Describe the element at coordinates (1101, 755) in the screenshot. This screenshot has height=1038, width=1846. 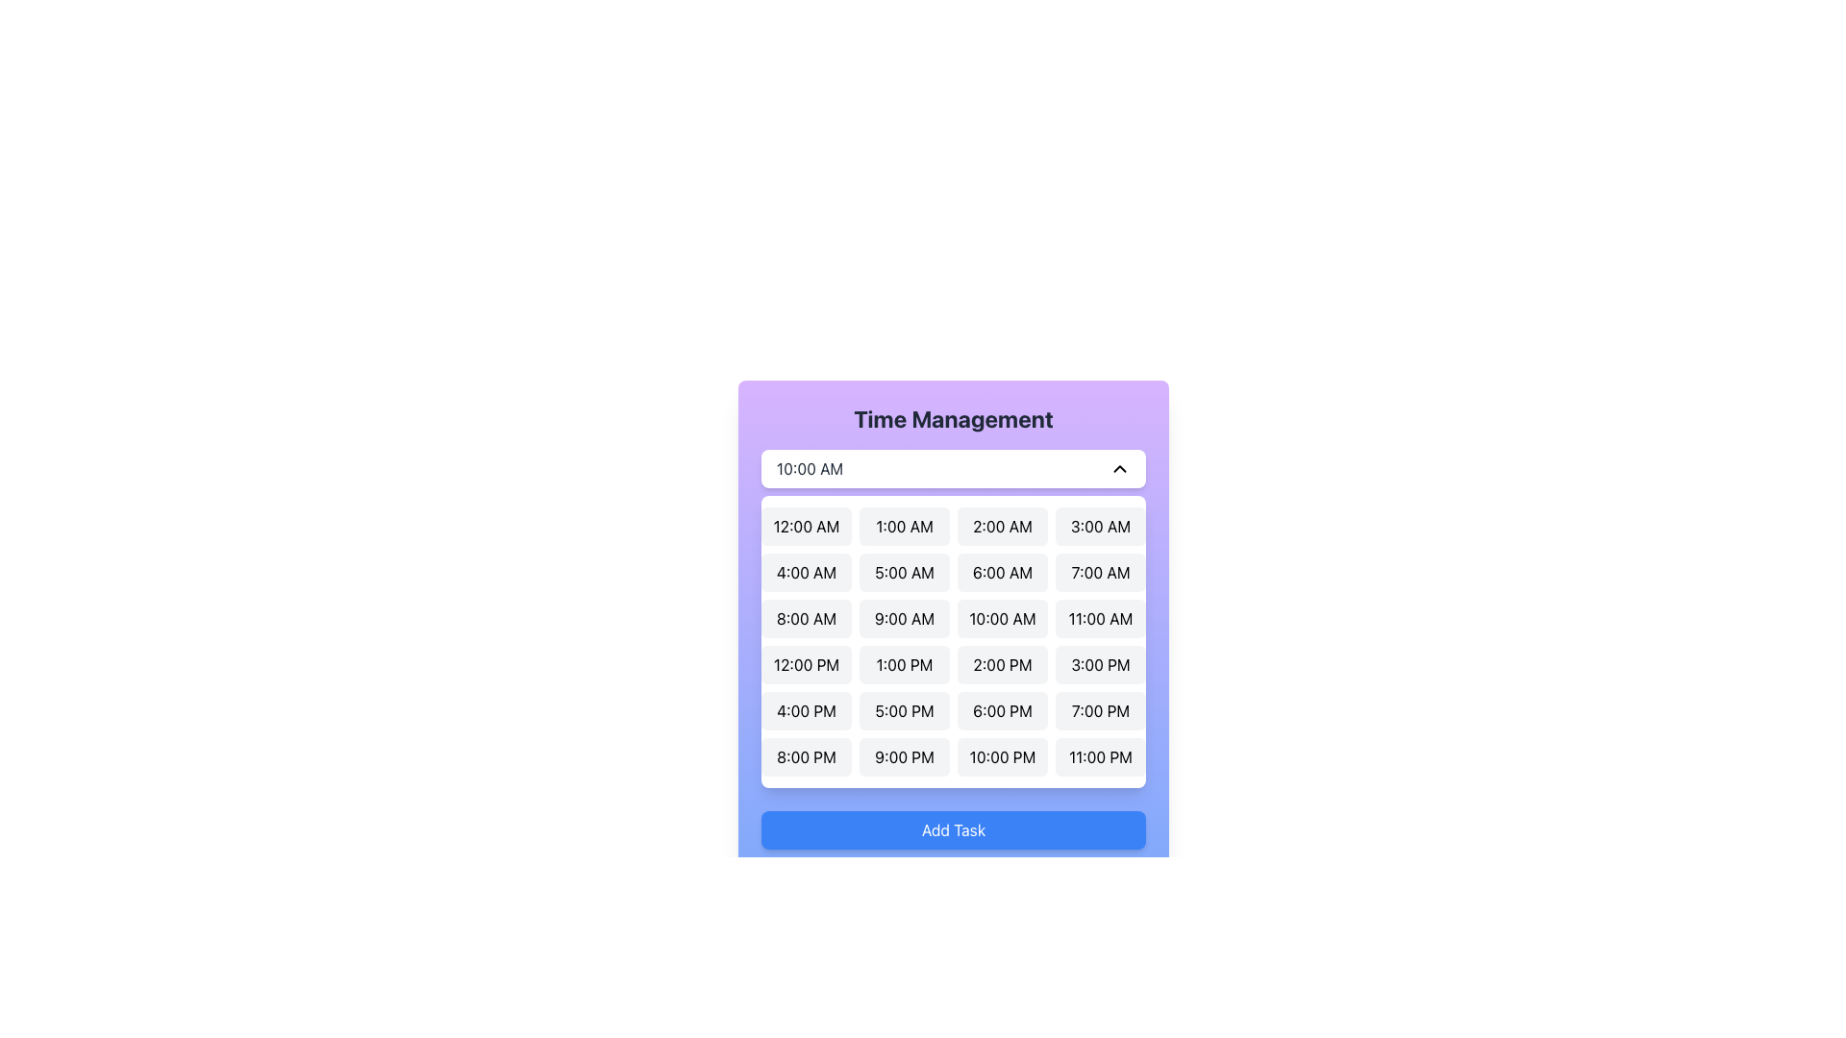
I see `the button labeled '11:00 PM' in the bottom-right corner of the Time Management interface` at that location.